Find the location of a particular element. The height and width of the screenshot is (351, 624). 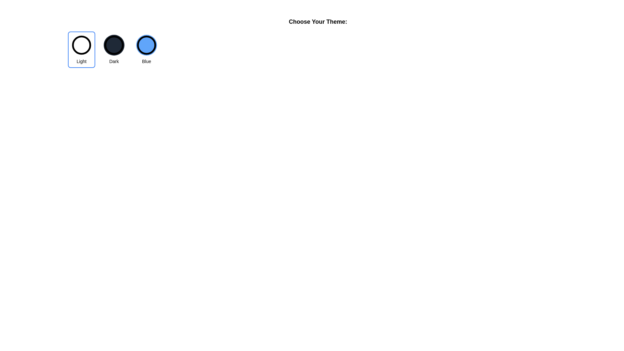

the 'Dark' button, which is the second button in a group of three horizontally arranged buttons is located at coordinates (114, 49).